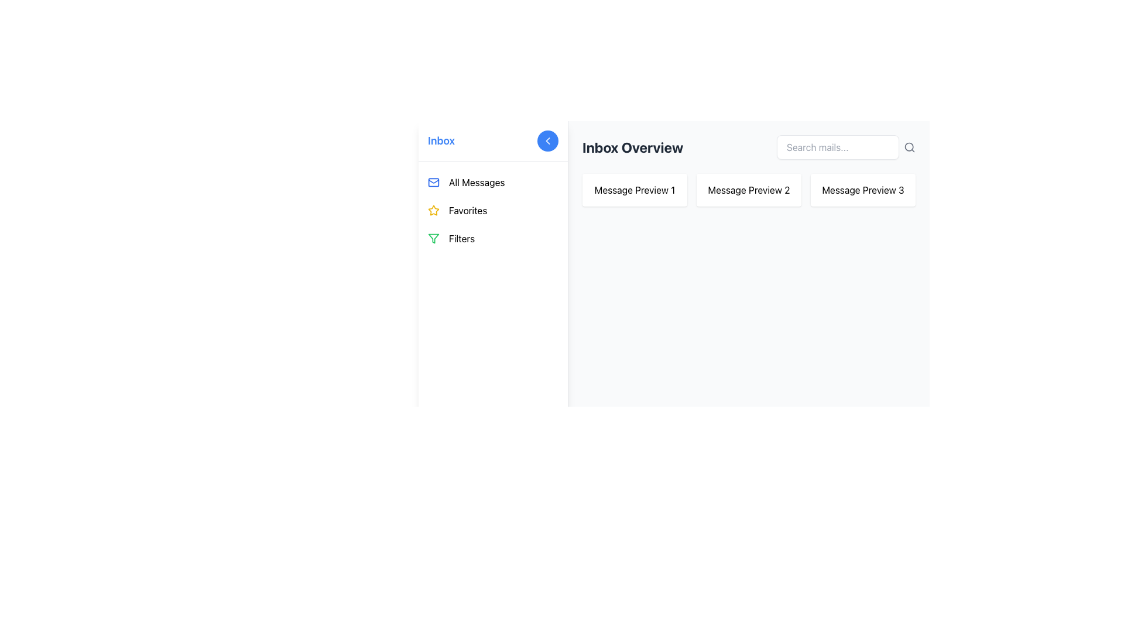  Describe the element at coordinates (433, 238) in the screenshot. I see `the filtering icon located to the left of the 'Filters' label in the interface` at that location.